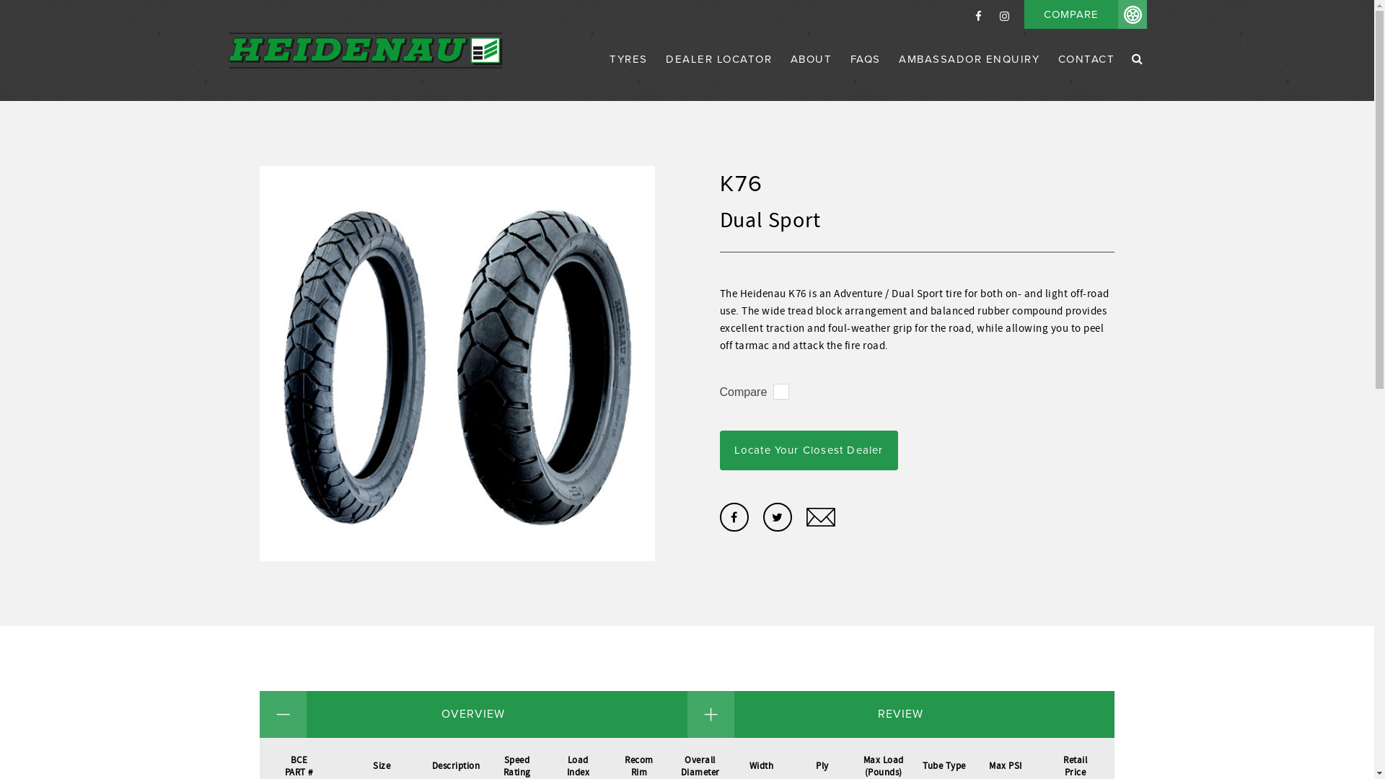  Describe the element at coordinates (744, 392) in the screenshot. I see `'Compare'` at that location.